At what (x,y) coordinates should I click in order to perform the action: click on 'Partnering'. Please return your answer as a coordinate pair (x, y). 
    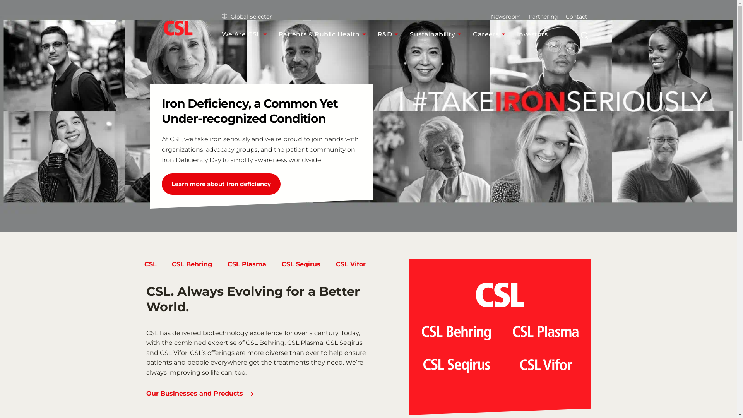
    Looking at the image, I should click on (543, 16).